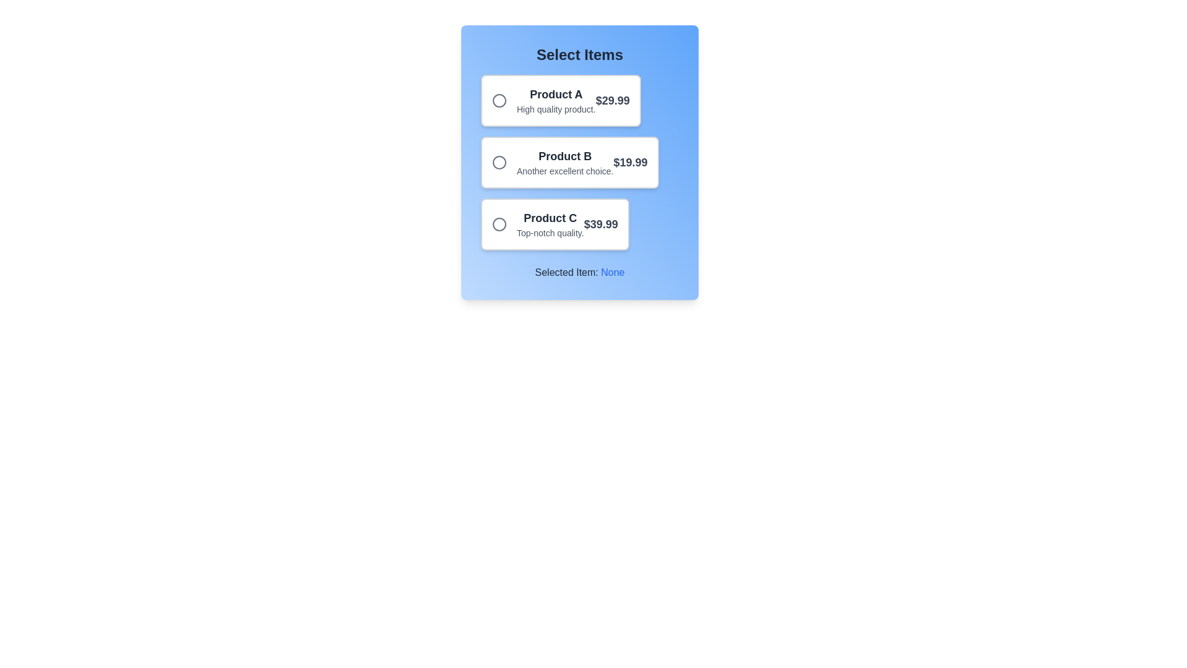  What do you see at coordinates (499, 161) in the screenshot?
I see `the SVG circle graphic representing the second option labeled 'Product B' in the vertical list of selectable items` at bounding box center [499, 161].